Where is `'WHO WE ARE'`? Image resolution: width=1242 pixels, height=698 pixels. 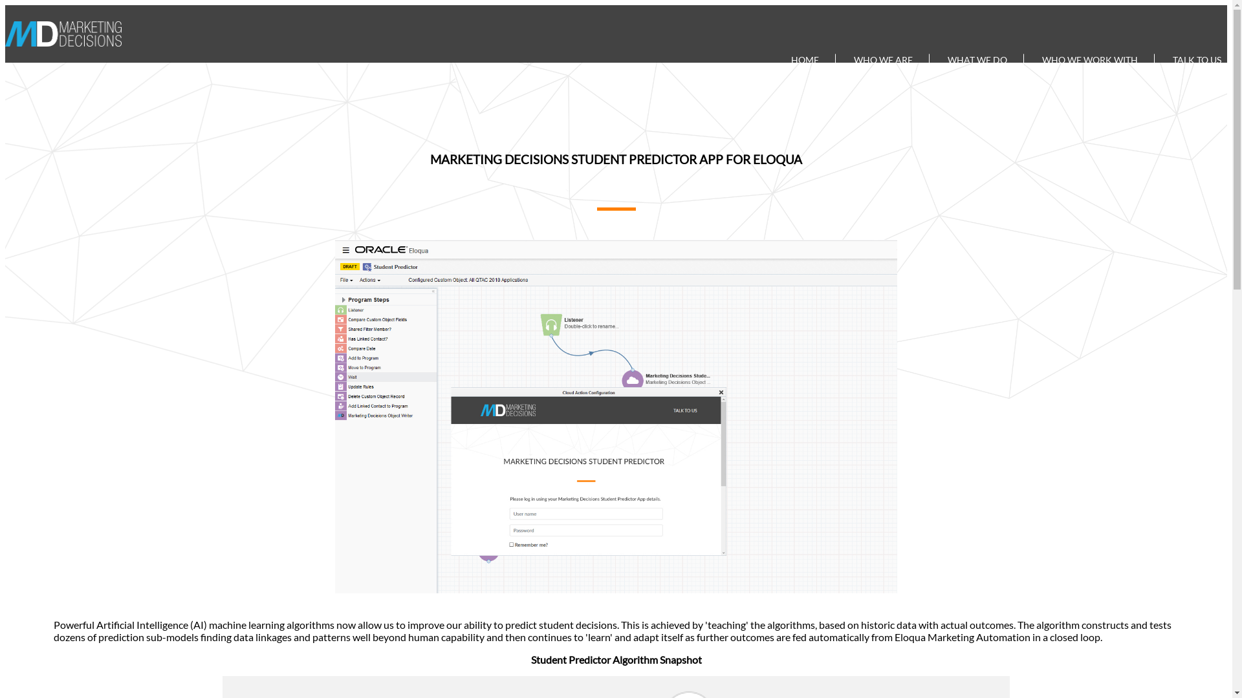
'WHO WE ARE' is located at coordinates (883, 59).